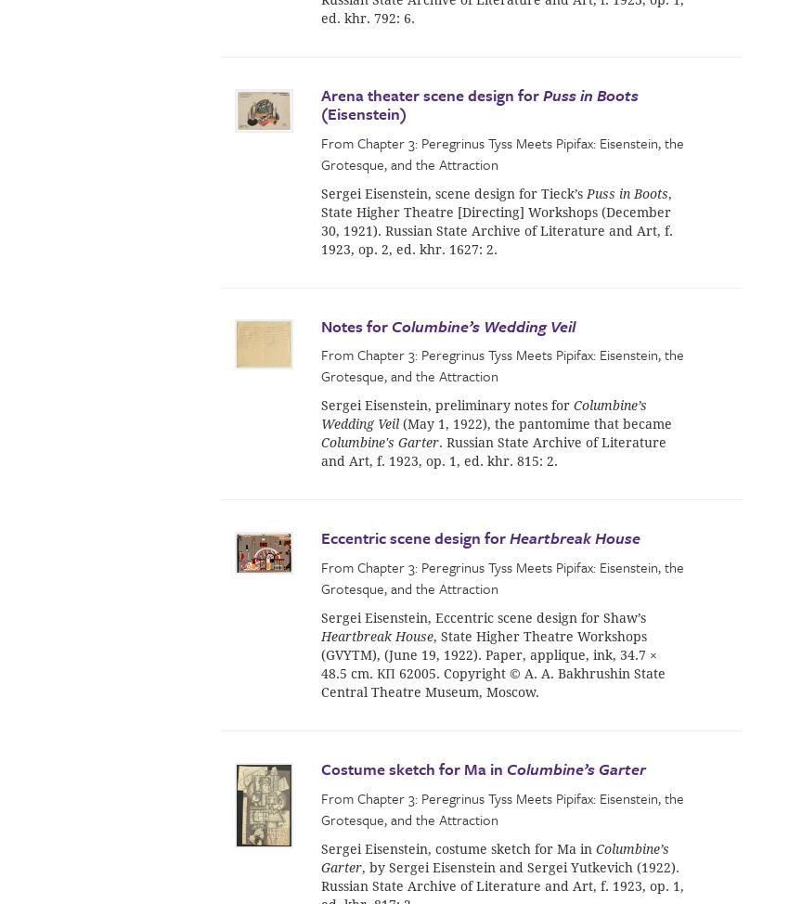  I want to click on 'Sergei Eisenstein, scene design for Tieck’s', so click(320, 193).